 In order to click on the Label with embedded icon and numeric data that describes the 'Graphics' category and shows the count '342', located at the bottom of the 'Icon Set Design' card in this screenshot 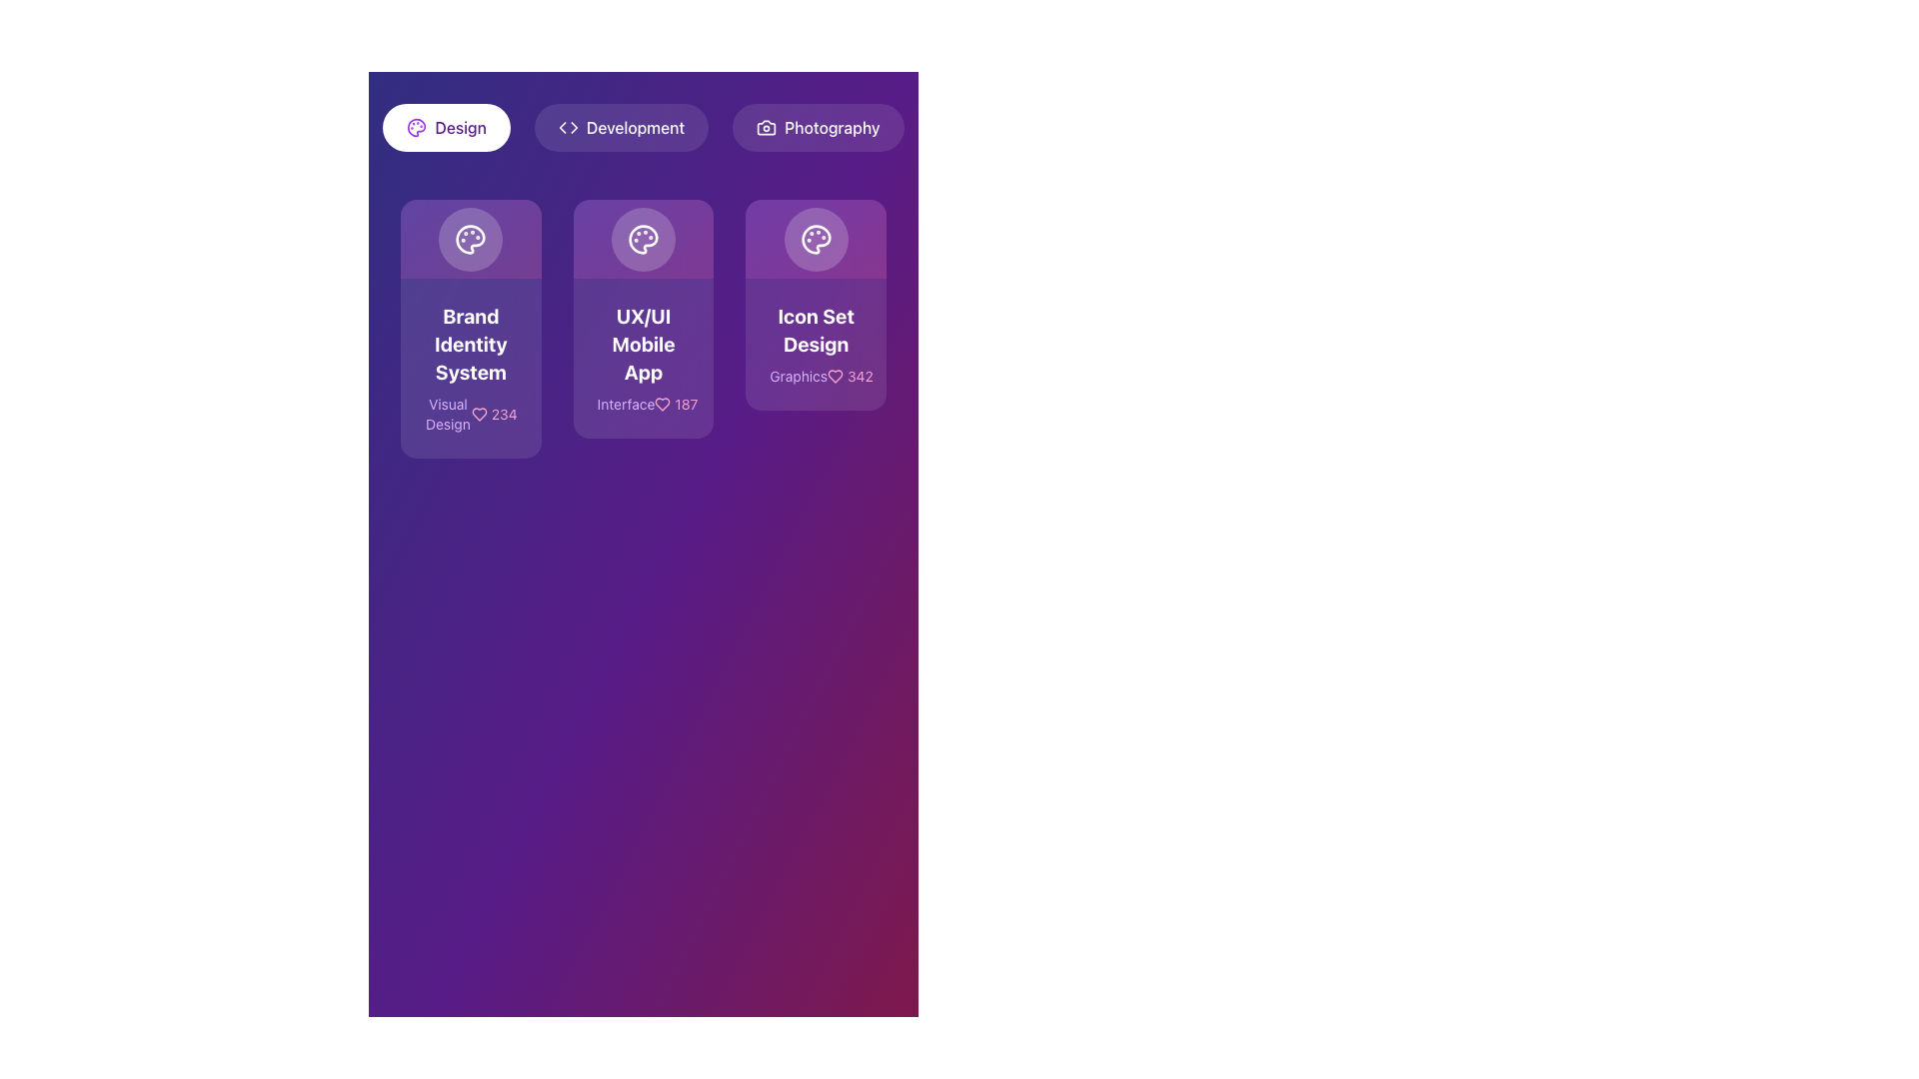, I will do `click(816, 377)`.